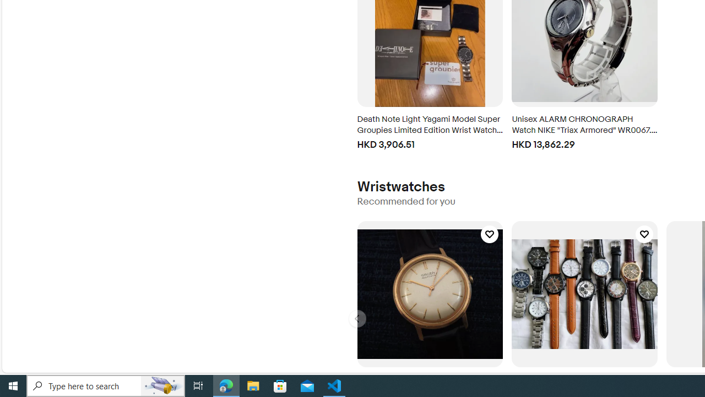 Image resolution: width=705 pixels, height=397 pixels. What do you see at coordinates (357, 319) in the screenshot?
I see `'Go to the previous slide, Wristwatches - Carousel'` at bounding box center [357, 319].